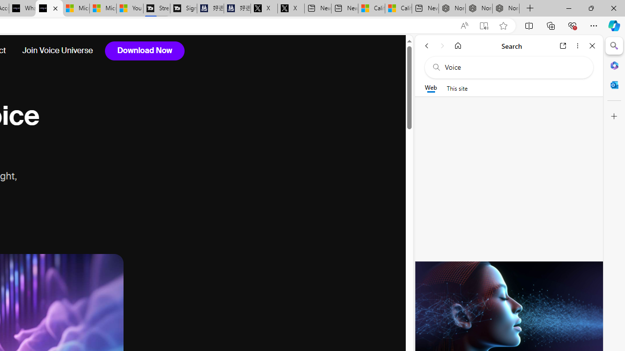 The height and width of the screenshot is (351, 625). Describe the element at coordinates (614, 84) in the screenshot. I see `'Outlook'` at that location.